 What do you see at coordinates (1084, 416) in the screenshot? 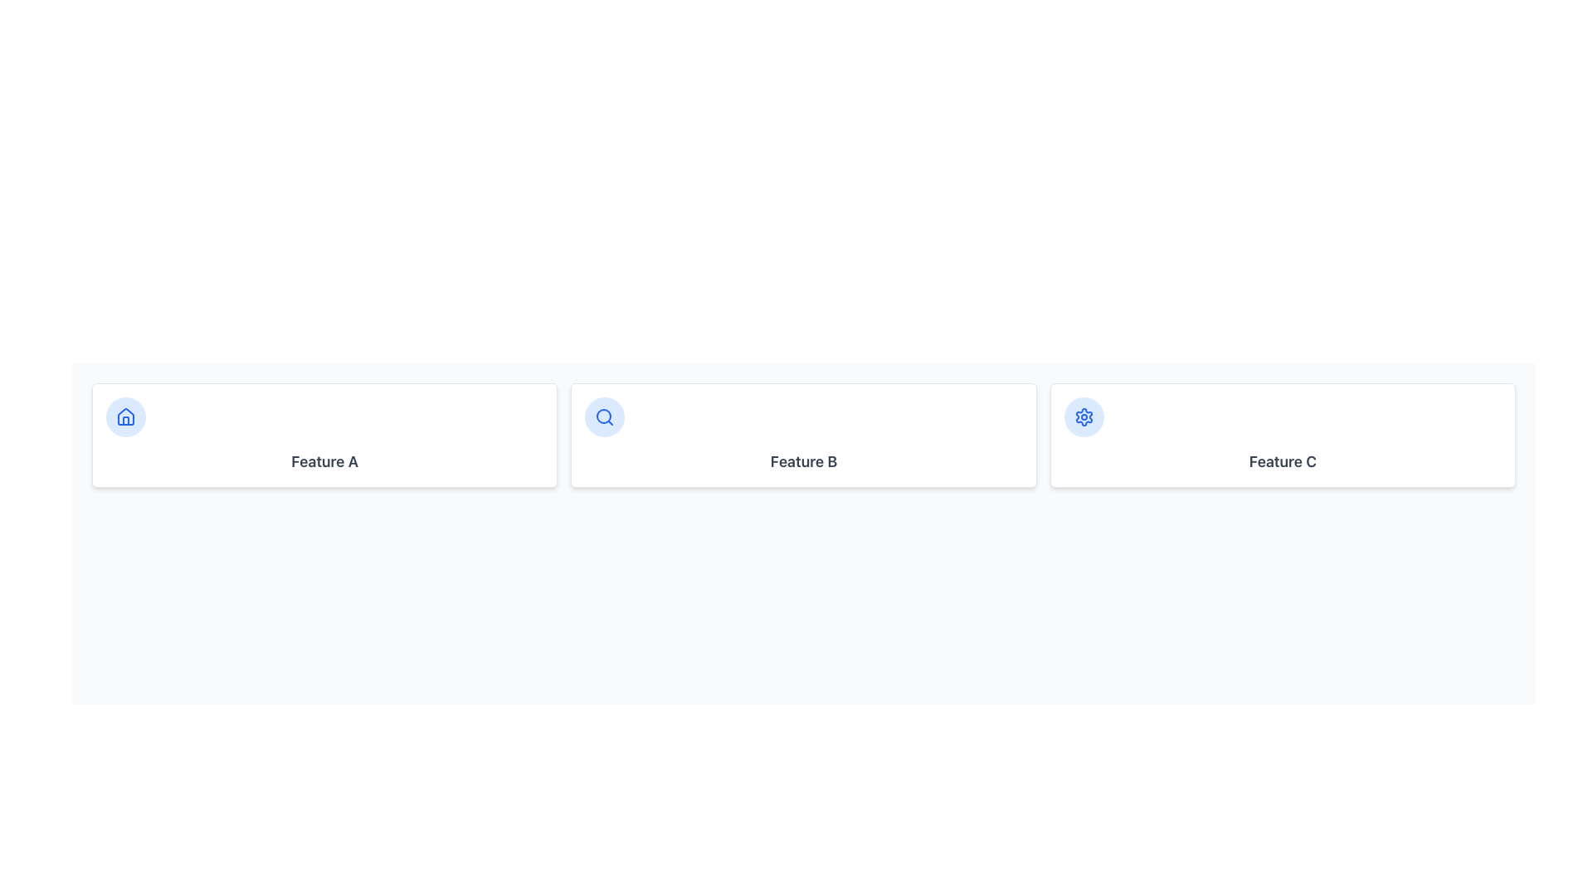
I see `the gear-shaped icon representing the settings menu in the third feature card labeled 'Feature C'` at bounding box center [1084, 416].